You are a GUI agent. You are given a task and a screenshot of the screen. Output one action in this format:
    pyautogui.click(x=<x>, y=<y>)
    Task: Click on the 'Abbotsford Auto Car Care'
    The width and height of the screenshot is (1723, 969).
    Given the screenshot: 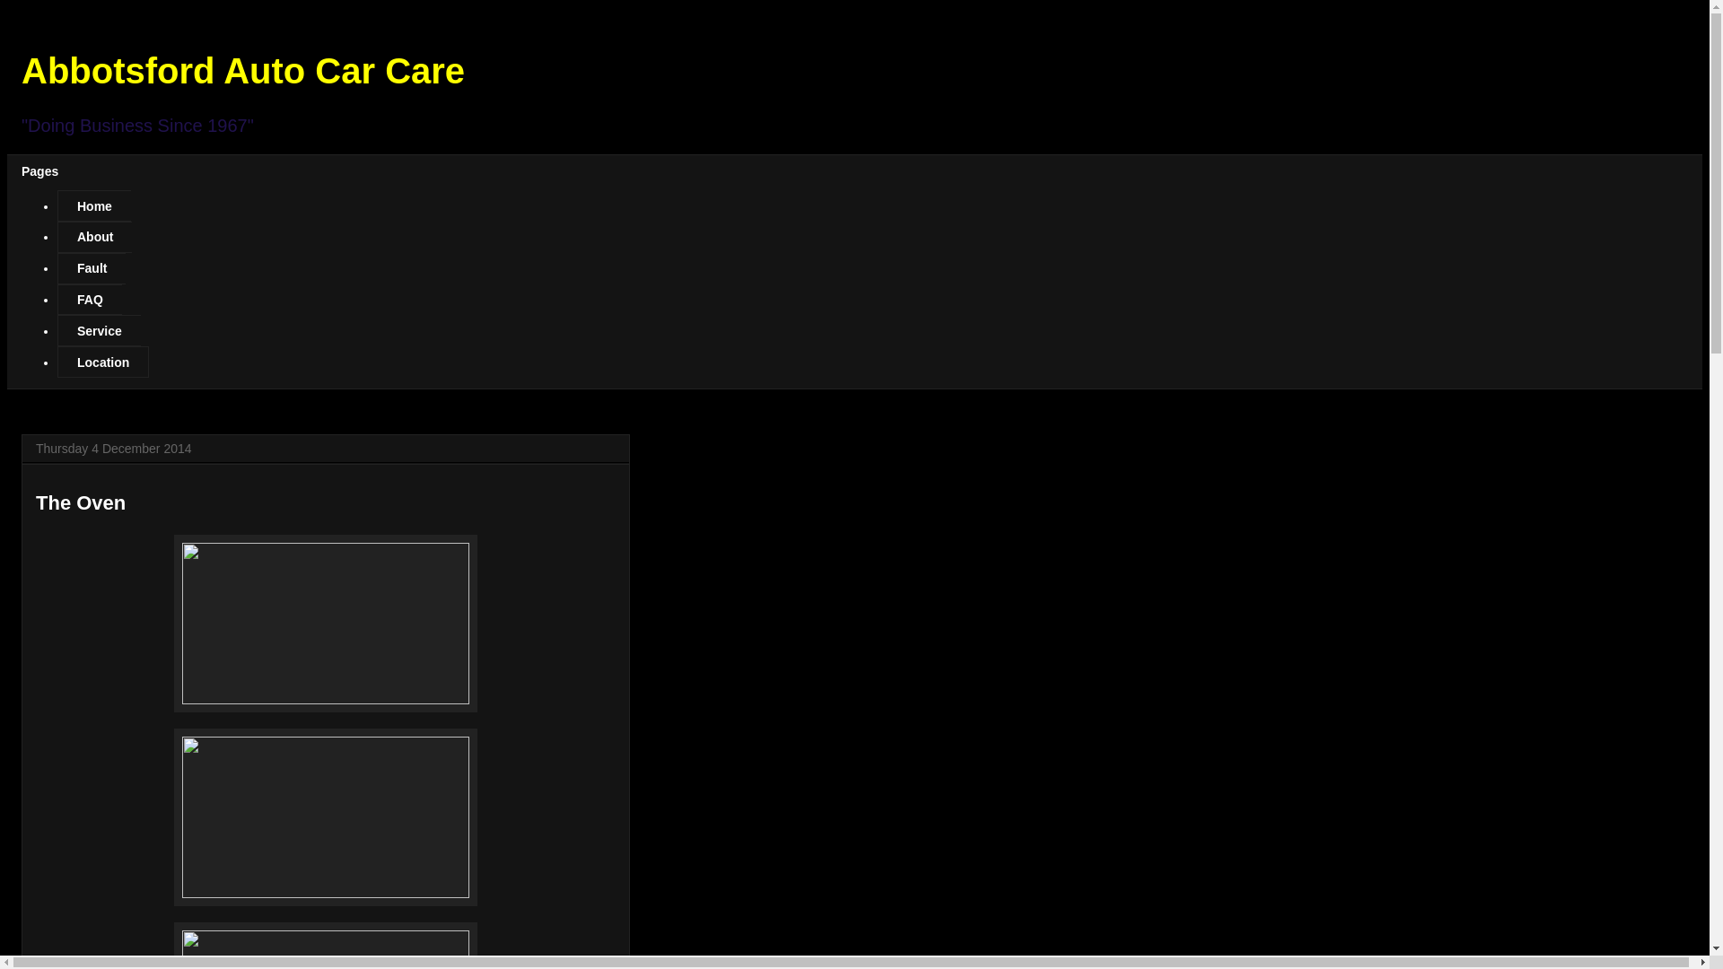 What is the action you would take?
    pyautogui.click(x=241, y=69)
    